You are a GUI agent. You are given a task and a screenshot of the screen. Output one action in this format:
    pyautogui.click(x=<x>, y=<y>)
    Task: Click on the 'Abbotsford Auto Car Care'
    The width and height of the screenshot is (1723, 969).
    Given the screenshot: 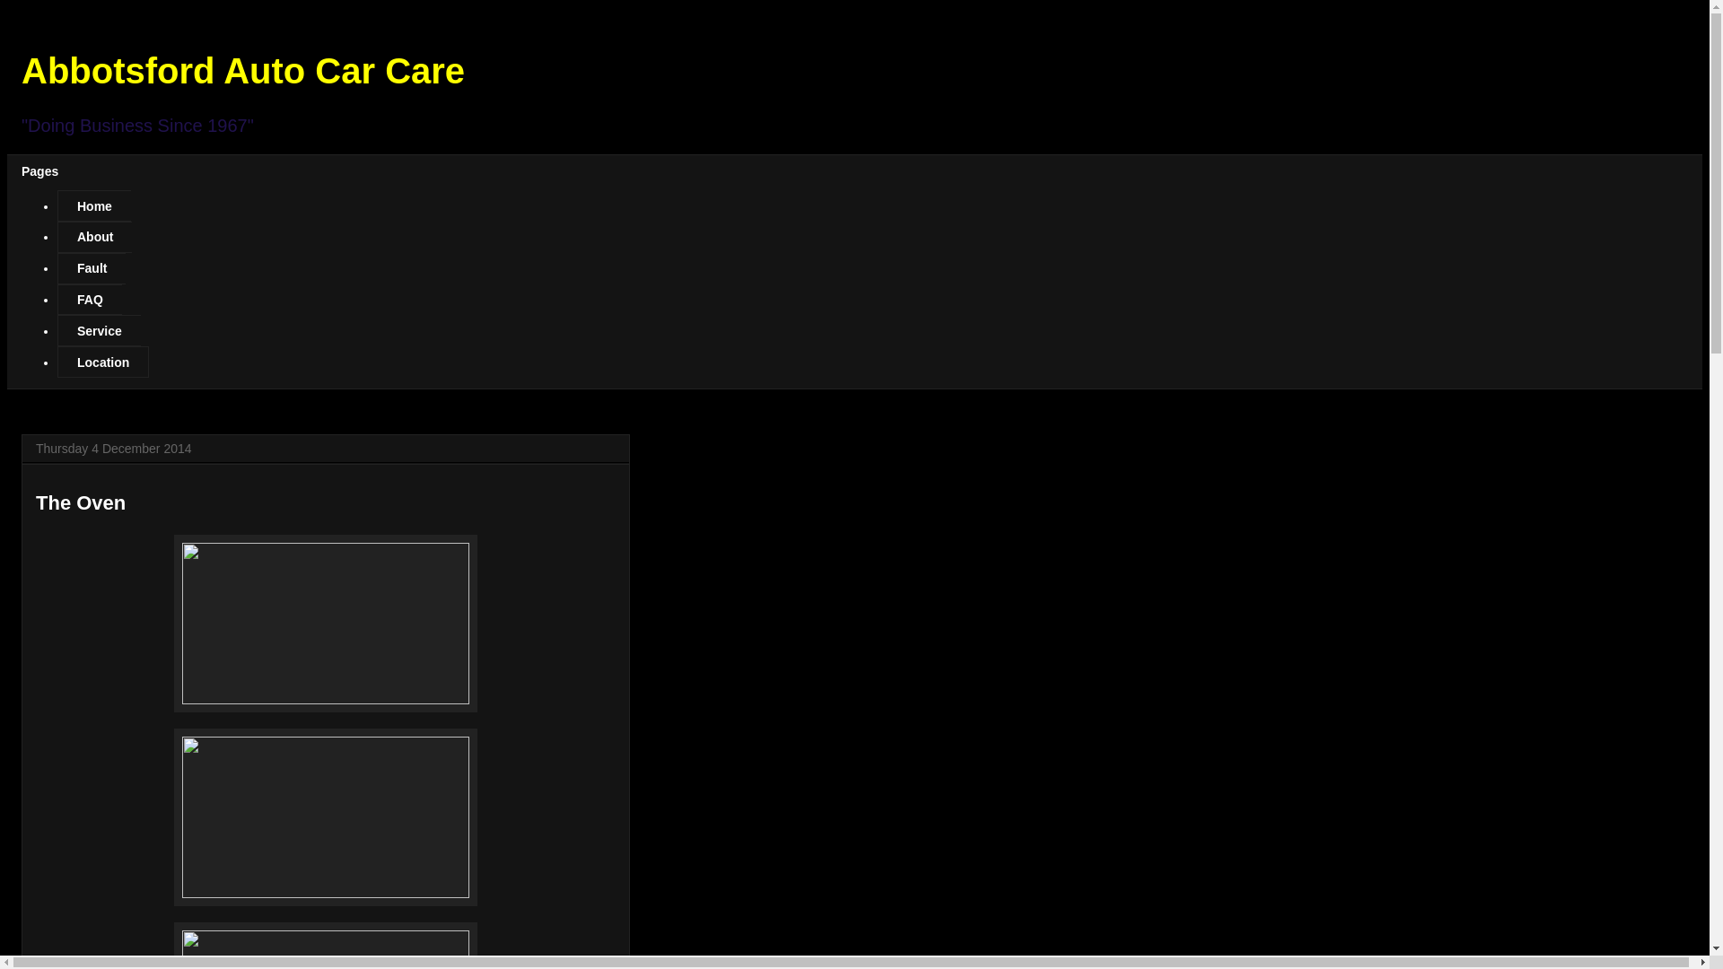 What is the action you would take?
    pyautogui.click(x=241, y=69)
    